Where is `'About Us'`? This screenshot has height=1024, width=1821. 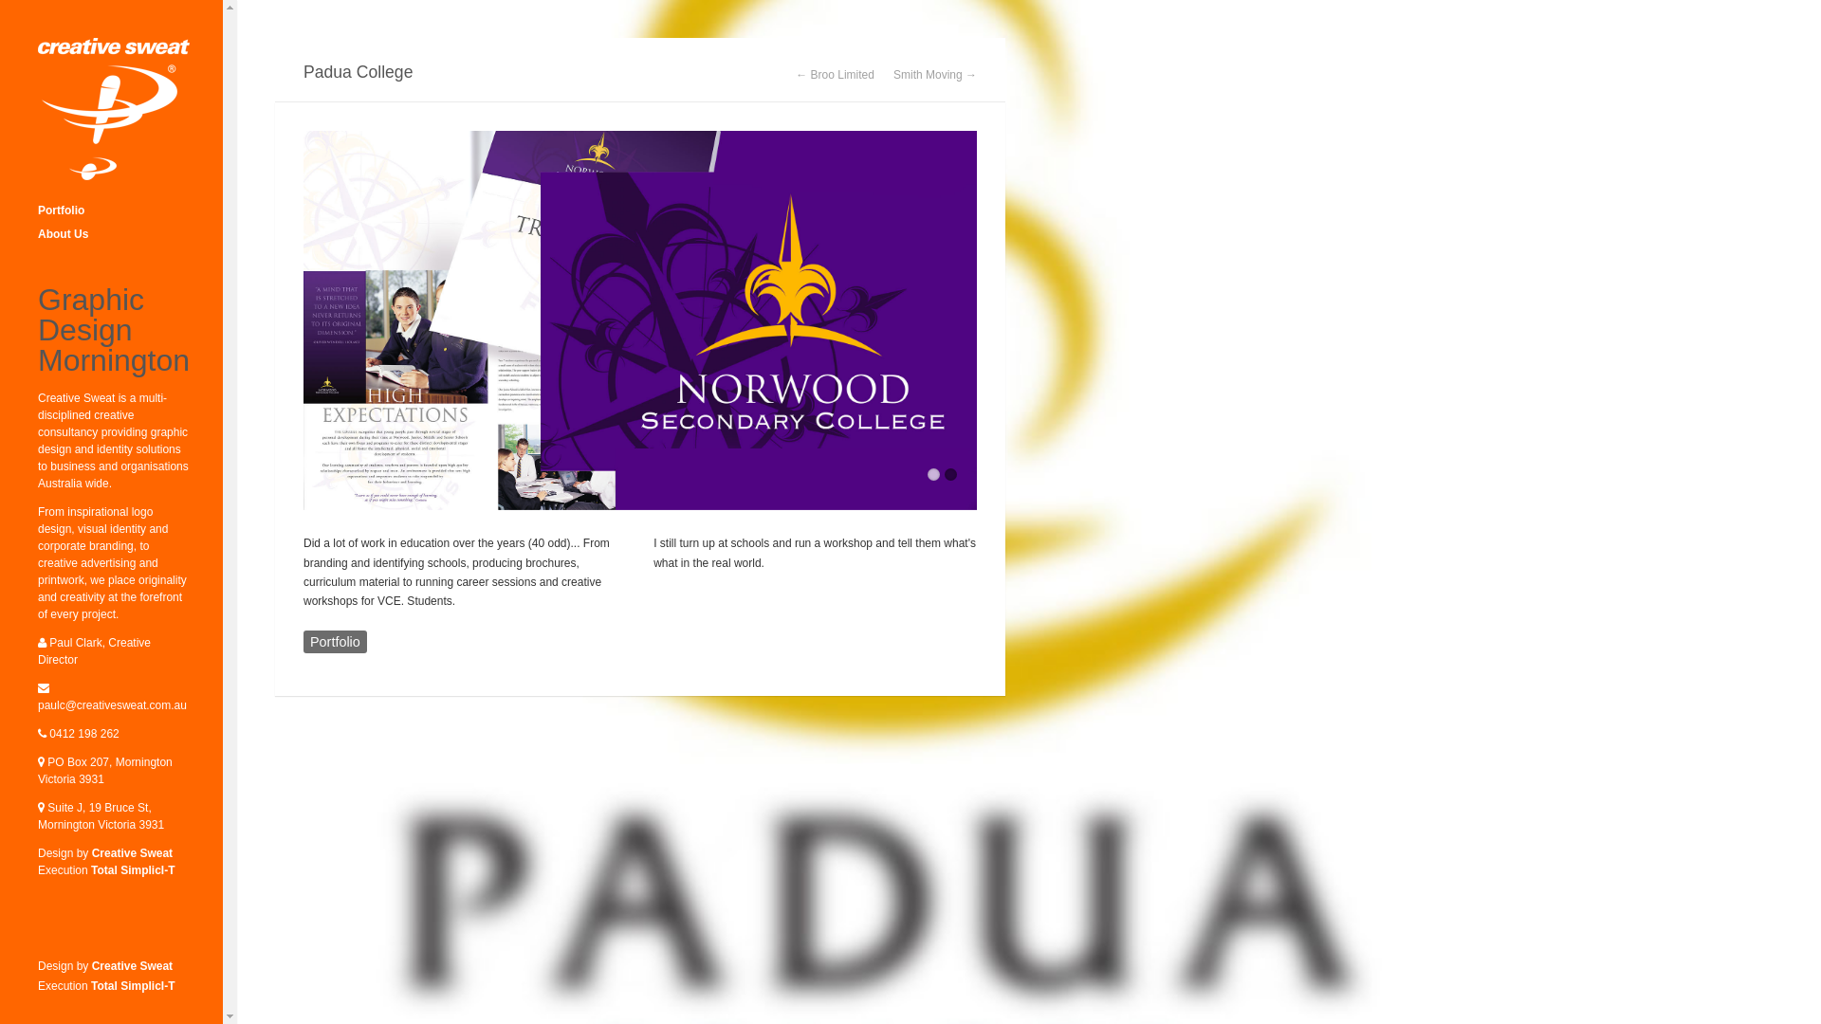 'About Us' is located at coordinates (113, 233).